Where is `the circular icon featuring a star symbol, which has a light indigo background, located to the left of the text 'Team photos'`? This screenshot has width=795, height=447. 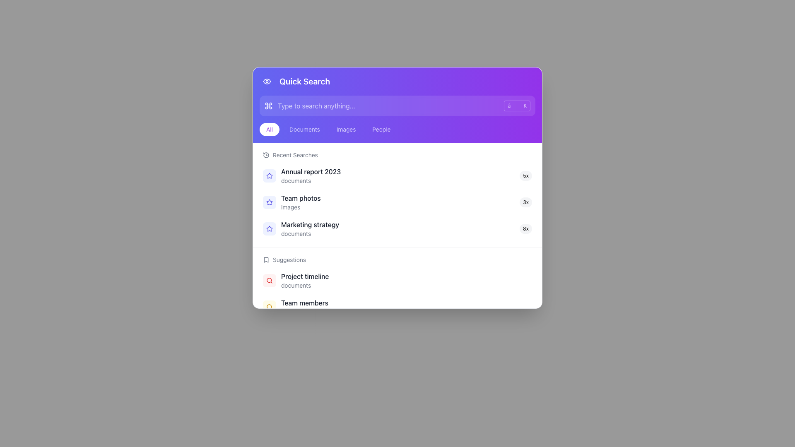 the circular icon featuring a star symbol, which has a light indigo background, located to the left of the text 'Team photos' is located at coordinates (270, 202).